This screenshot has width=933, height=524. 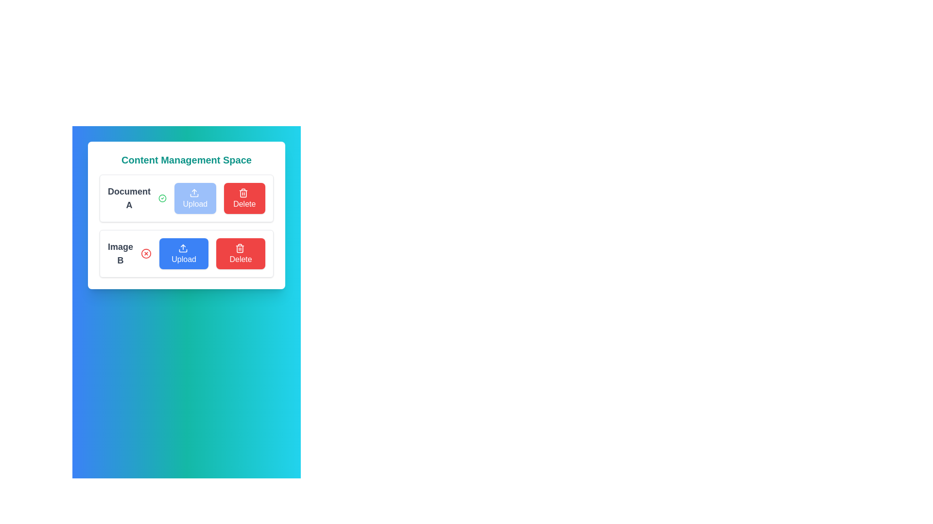 What do you see at coordinates (183, 247) in the screenshot?
I see `the small upload icon with a thin stroke and an upwards arrow, located within the 'Upload' button in the 'Image B' row of the content management interface` at bounding box center [183, 247].